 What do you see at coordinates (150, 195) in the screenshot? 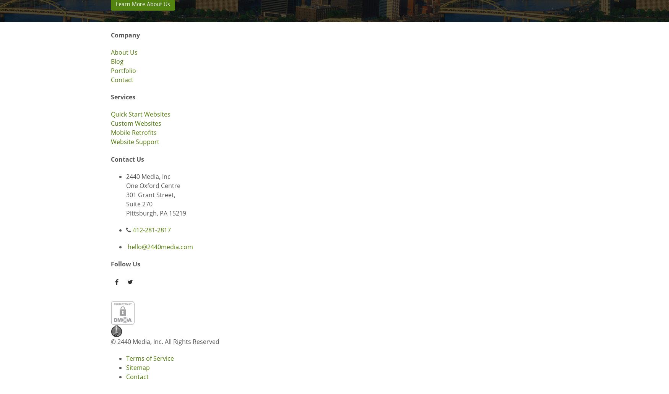
I see `'301 Grant Street,'` at bounding box center [150, 195].